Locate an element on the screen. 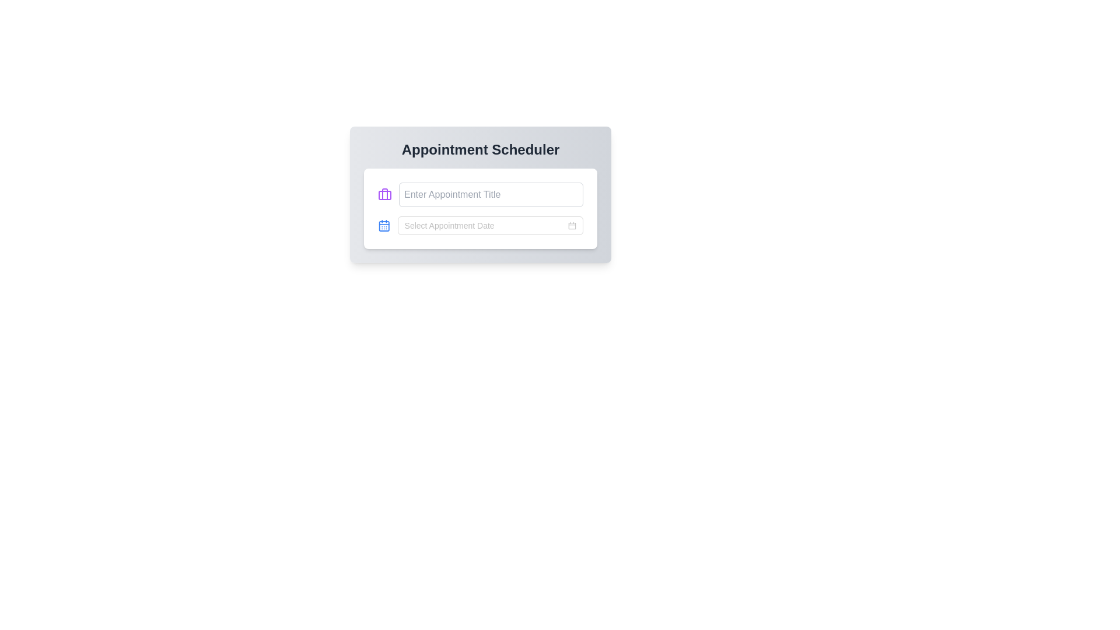  the text input field labeled 'Select Appointment Date' to focus on it is located at coordinates (485, 225).